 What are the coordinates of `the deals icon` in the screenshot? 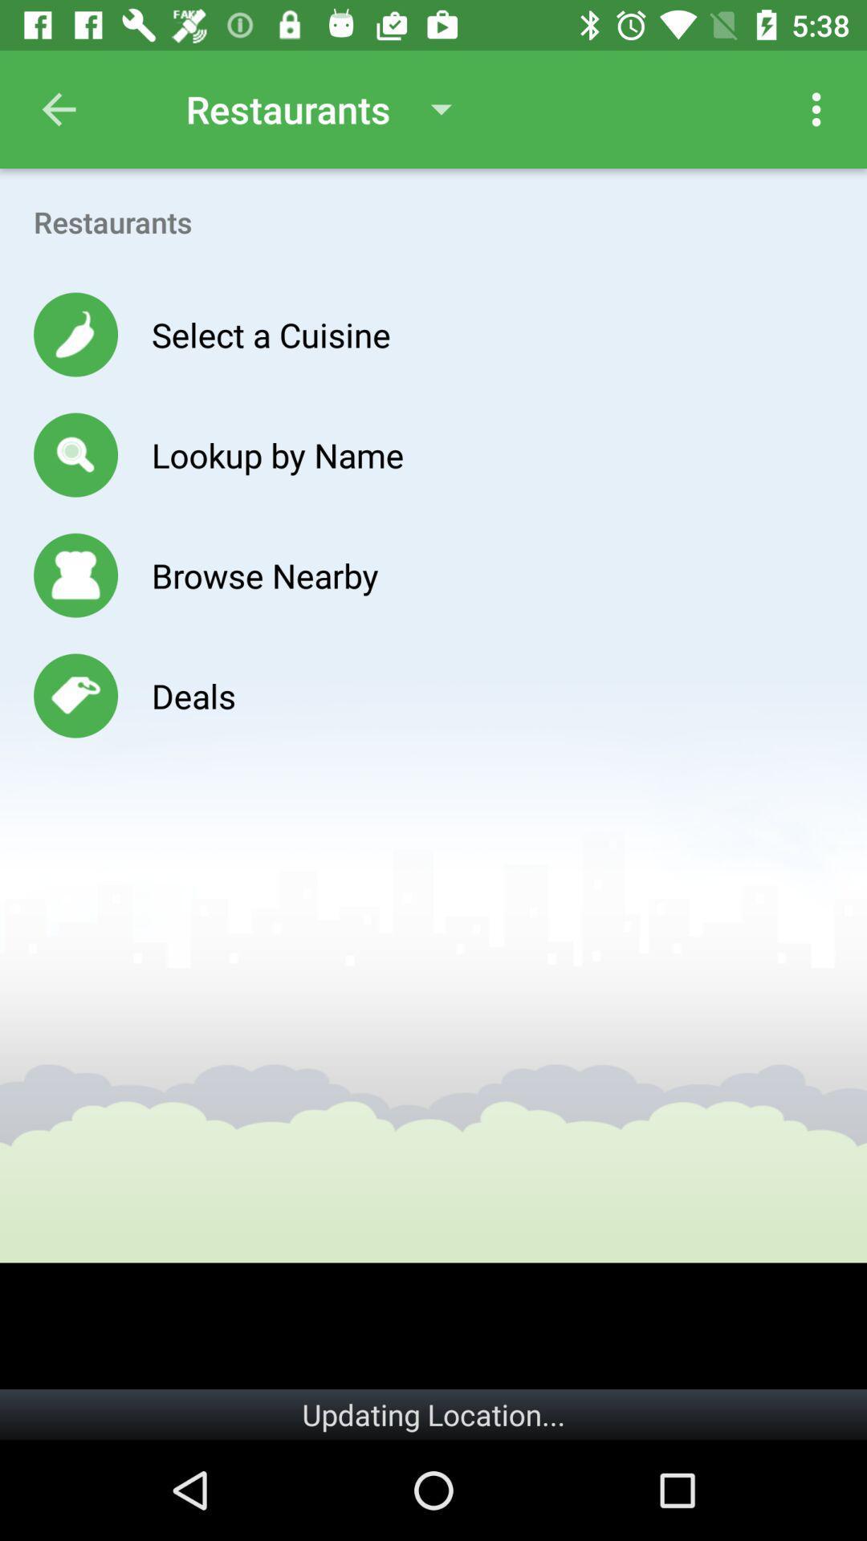 It's located at (193, 696).